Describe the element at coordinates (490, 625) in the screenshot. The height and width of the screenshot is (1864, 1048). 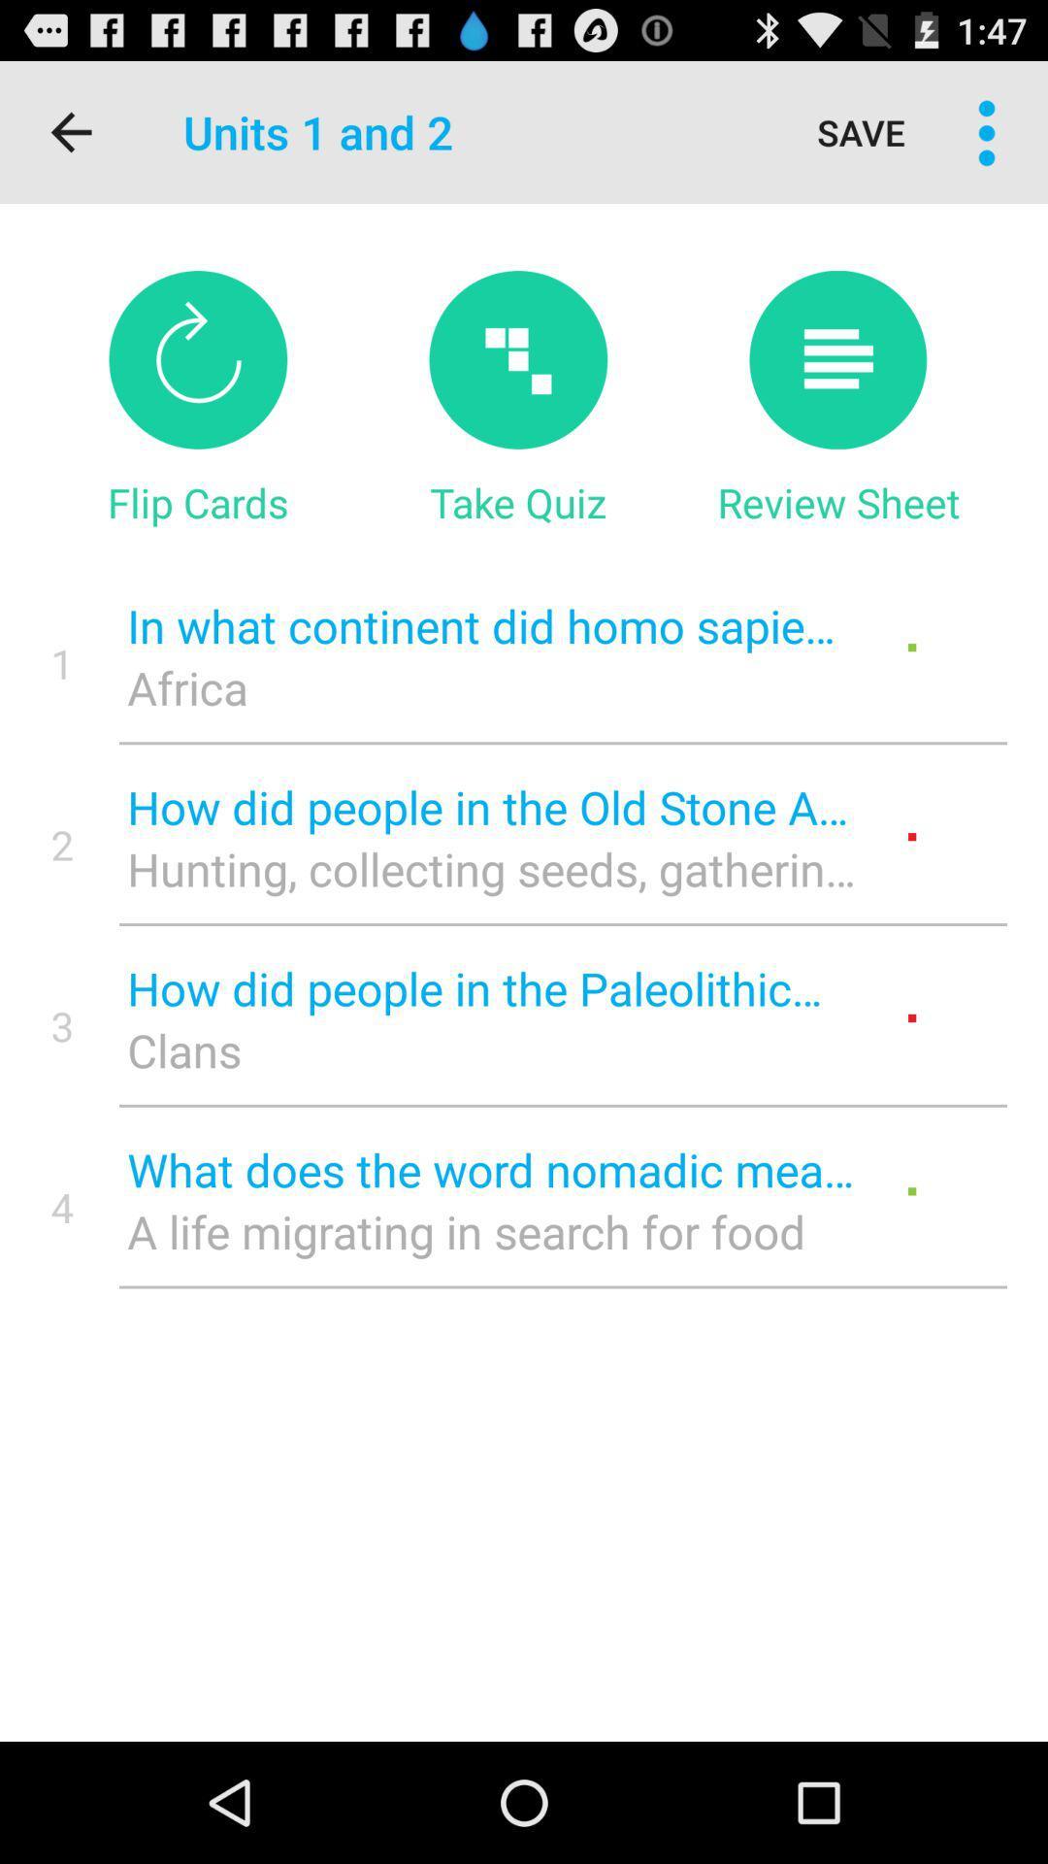
I see `the in what continent item` at that location.